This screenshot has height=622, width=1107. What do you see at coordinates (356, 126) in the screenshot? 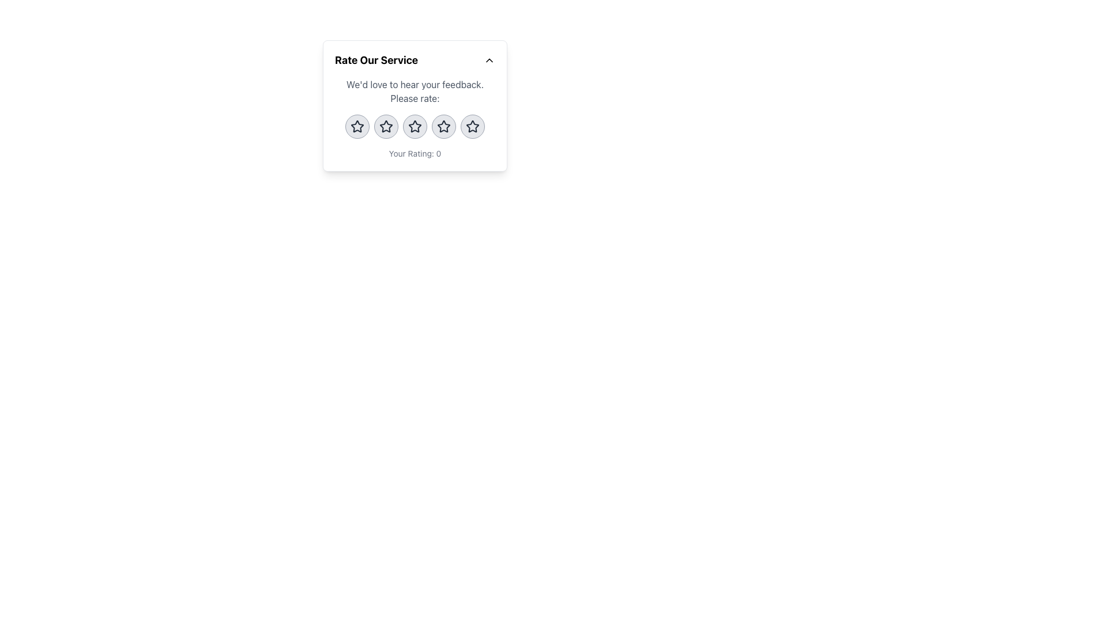
I see `the first circular button with a gray background and a star icon` at bounding box center [356, 126].